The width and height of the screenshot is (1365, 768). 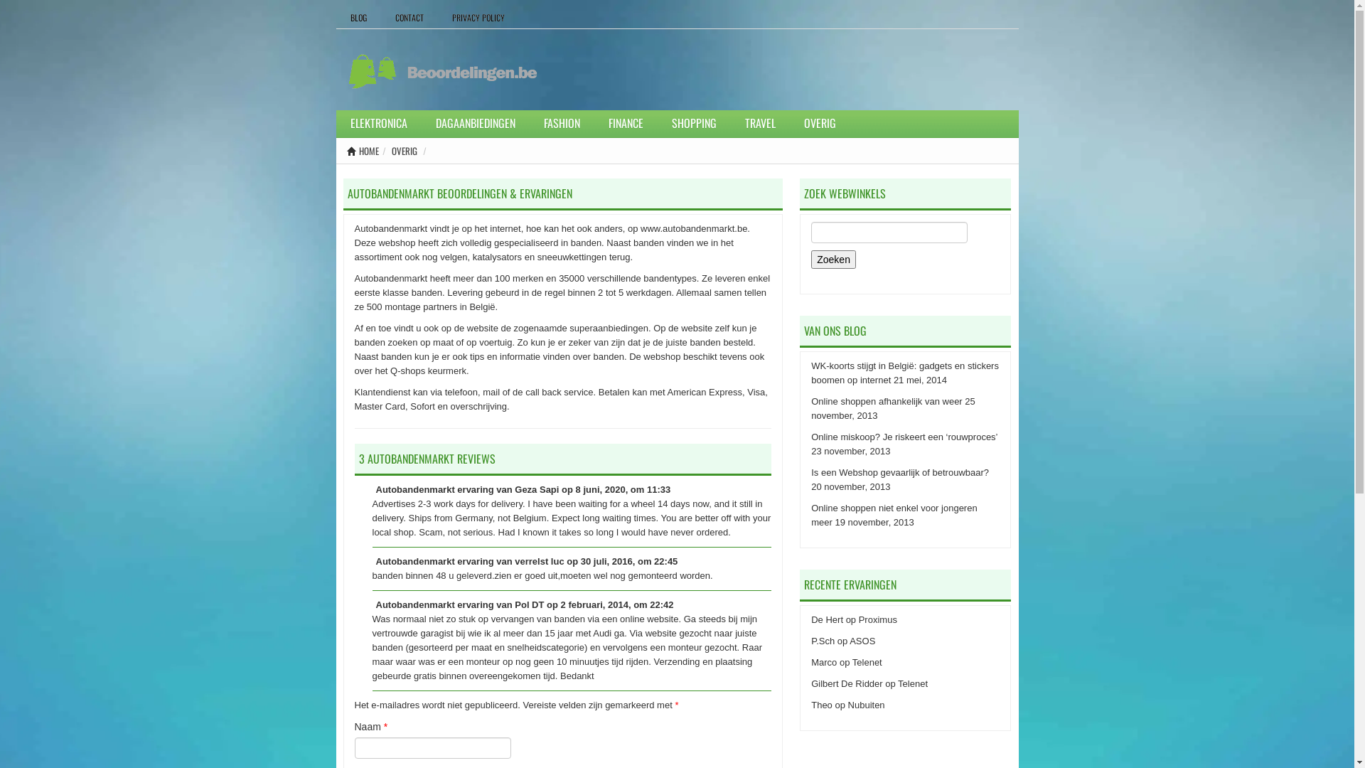 I want to click on 'Proximus', so click(x=877, y=619).